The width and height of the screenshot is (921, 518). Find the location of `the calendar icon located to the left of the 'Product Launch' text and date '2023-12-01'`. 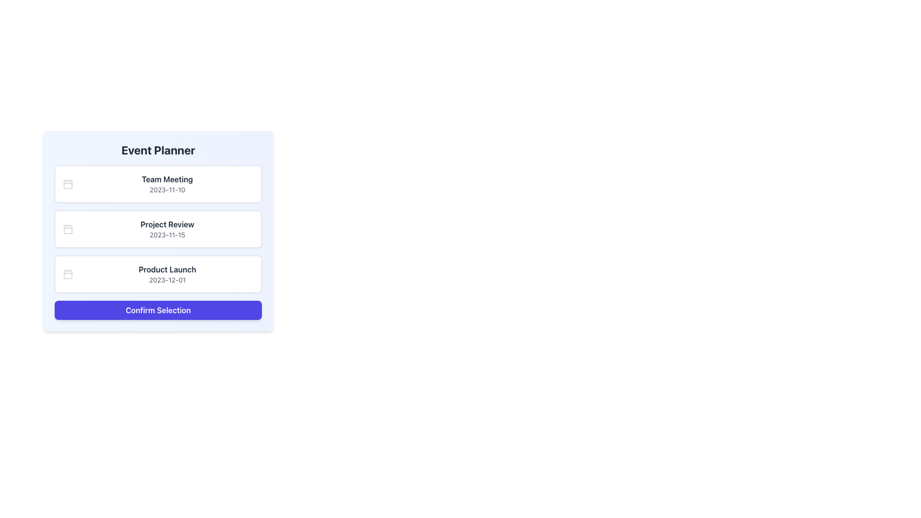

the calendar icon located to the left of the 'Product Launch' text and date '2023-12-01' is located at coordinates (68, 274).